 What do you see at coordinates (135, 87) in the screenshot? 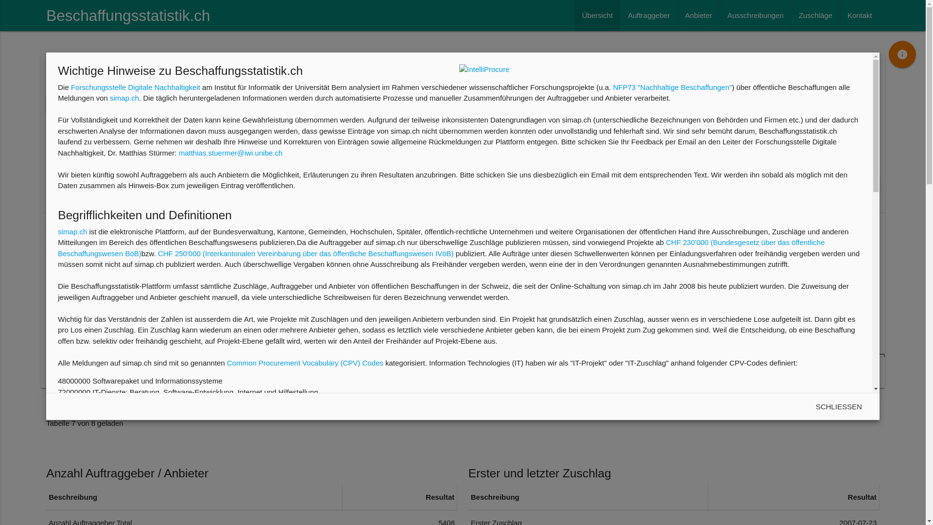
I see `'Forschungsstelle Digitale Nachhaltigkeit'` at bounding box center [135, 87].